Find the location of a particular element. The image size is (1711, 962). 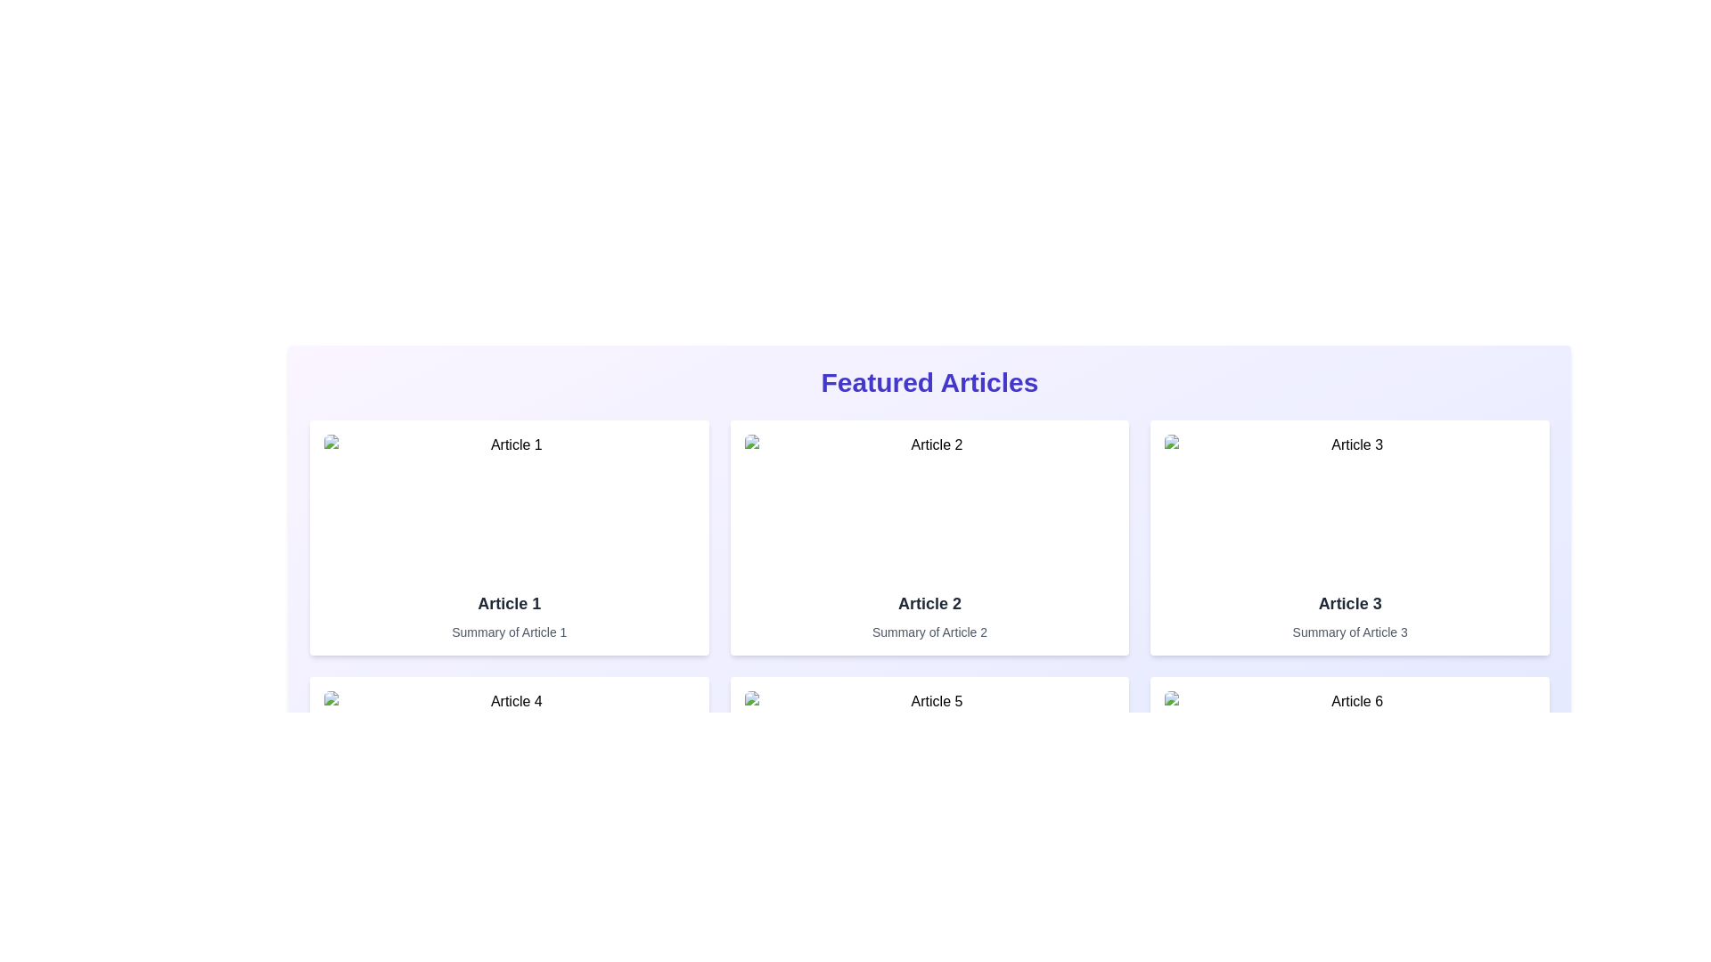

the title text label of the article located centrally in the second card of the first row in the grid layout is located at coordinates (929, 603).